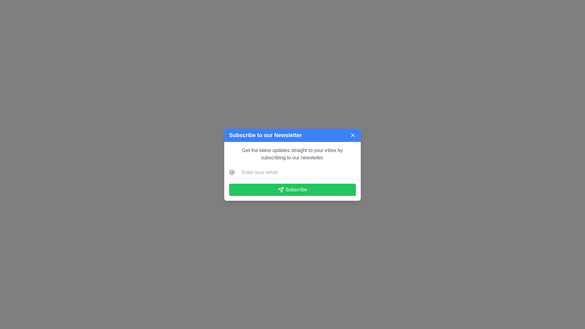  Describe the element at coordinates (292, 164) in the screenshot. I see `the email input field in the newsletter subscription modal to type an email address` at that location.